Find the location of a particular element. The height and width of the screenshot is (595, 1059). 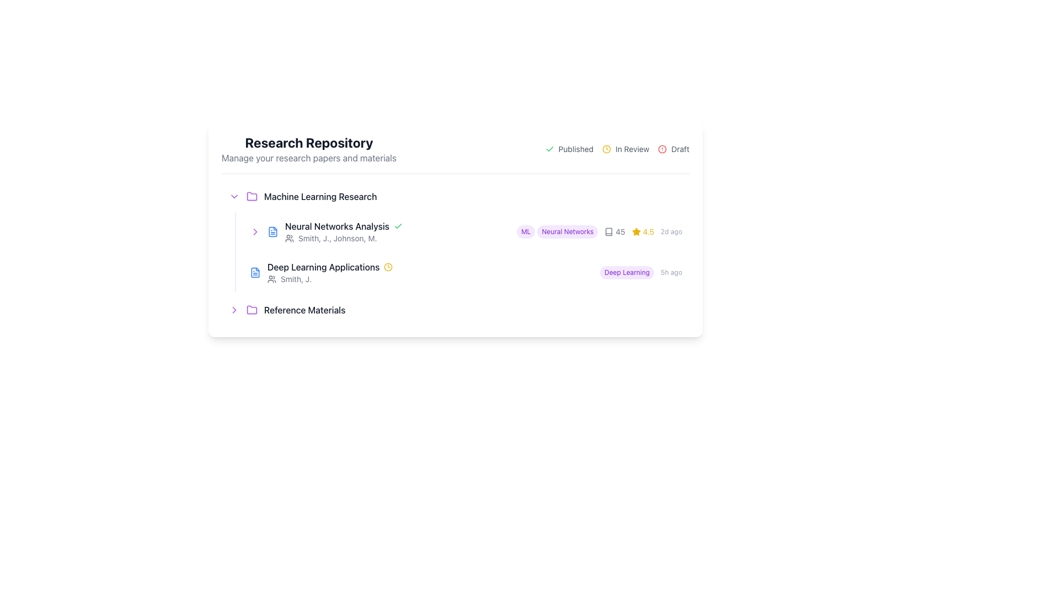

the center of the yellow star-shaped graphic icon used as a rating indicator, located just to the left of the numeric rating text '4.5' in the top-right section of the card is located at coordinates (636, 231).